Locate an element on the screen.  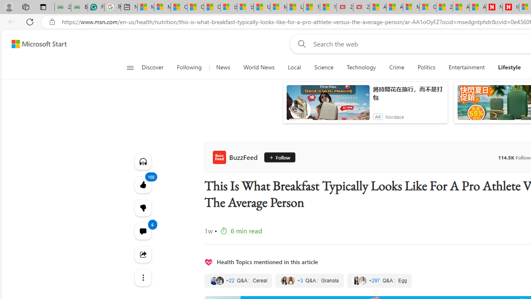
'Lifestyle - MSN' is located at coordinates (295, 7).